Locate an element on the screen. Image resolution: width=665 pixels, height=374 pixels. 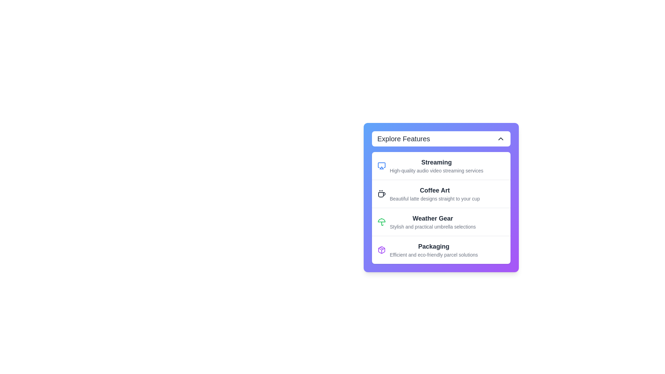
the informational label 'Coffee Art' which is the second item in the vertical list of options within the 'Explore Features' card layout is located at coordinates (434, 194).